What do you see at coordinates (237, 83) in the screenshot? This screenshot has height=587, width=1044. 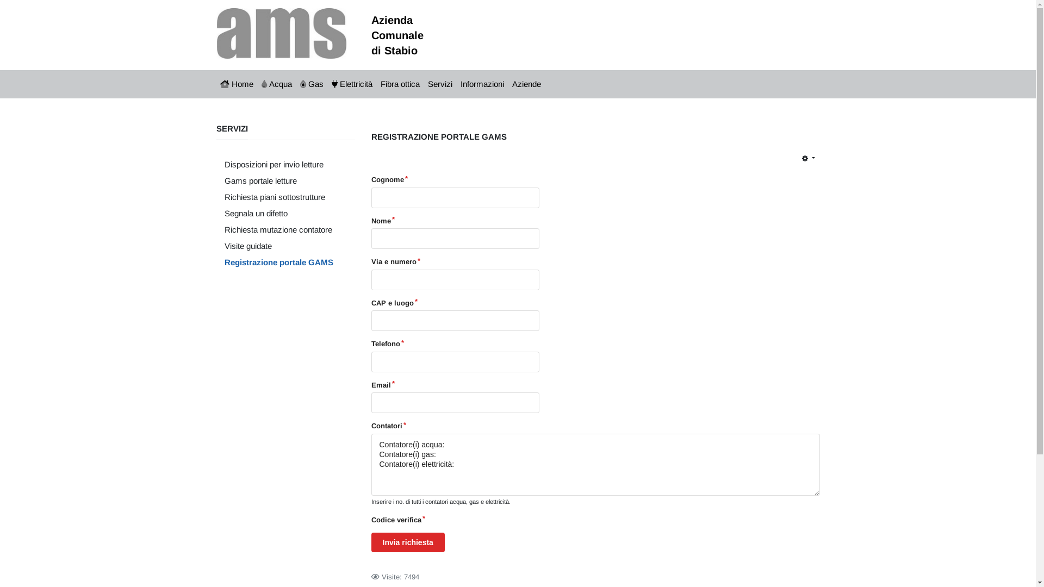 I see `'Home'` at bounding box center [237, 83].